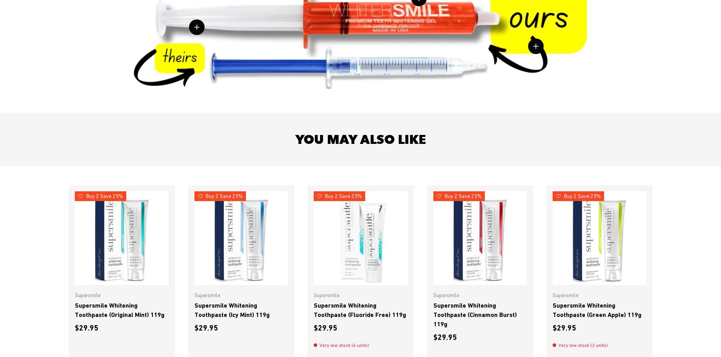 The height and width of the screenshot is (357, 721). I want to click on 'Very low stock
(2 units)', so click(583, 344).